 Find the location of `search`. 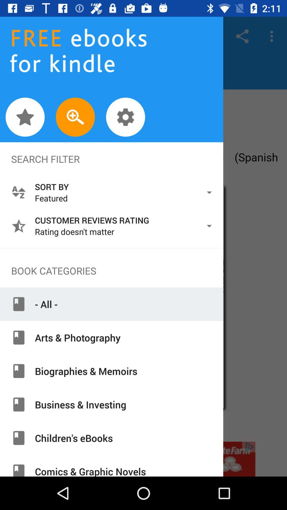

search is located at coordinates (75, 117).